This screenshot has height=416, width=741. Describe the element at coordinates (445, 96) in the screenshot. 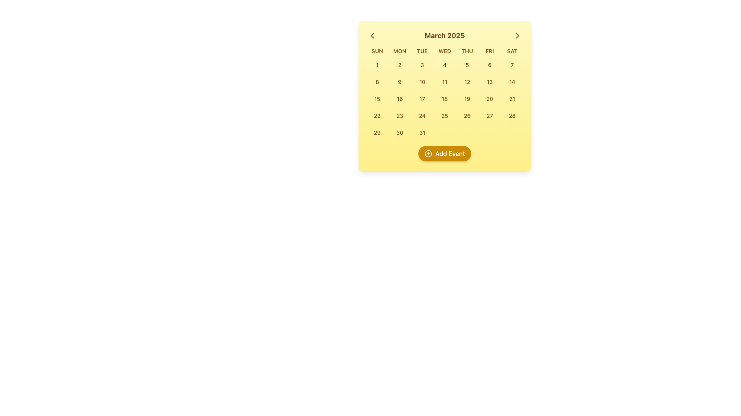

I see `a specific date in the March 2025 calendar` at that location.